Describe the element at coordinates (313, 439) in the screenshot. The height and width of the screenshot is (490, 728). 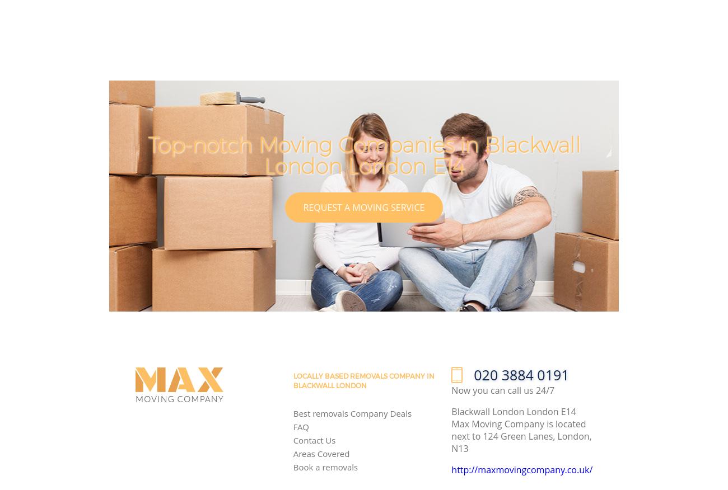
I see `'Contact Us'` at that location.